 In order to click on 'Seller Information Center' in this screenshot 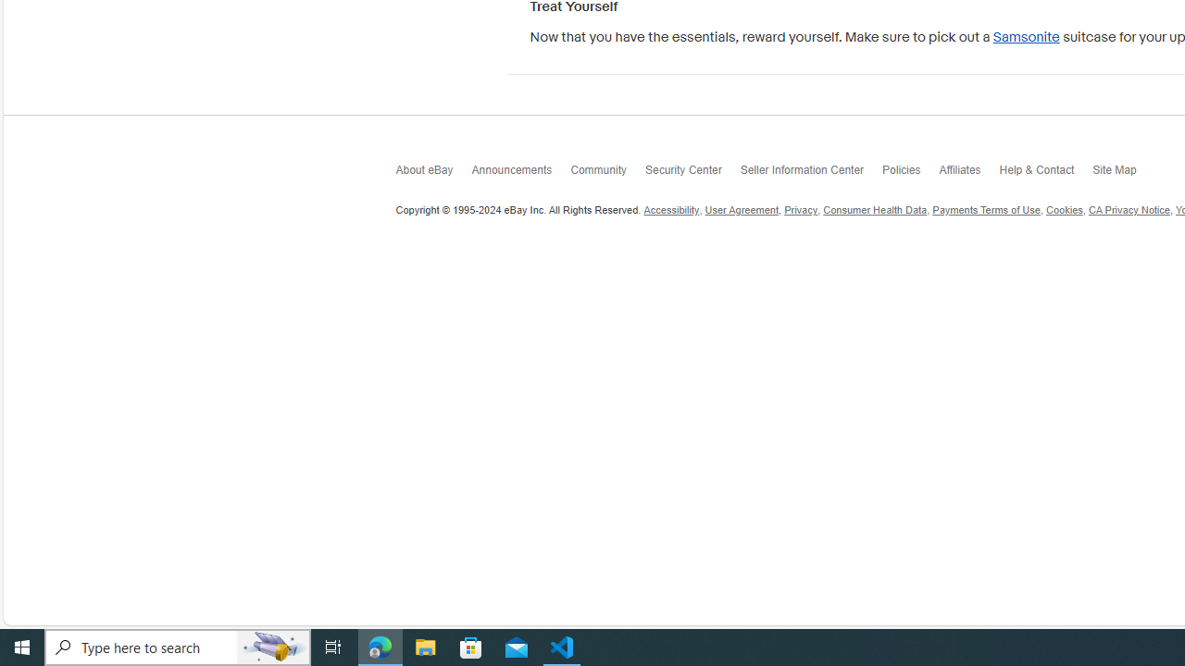, I will do `click(811, 173)`.